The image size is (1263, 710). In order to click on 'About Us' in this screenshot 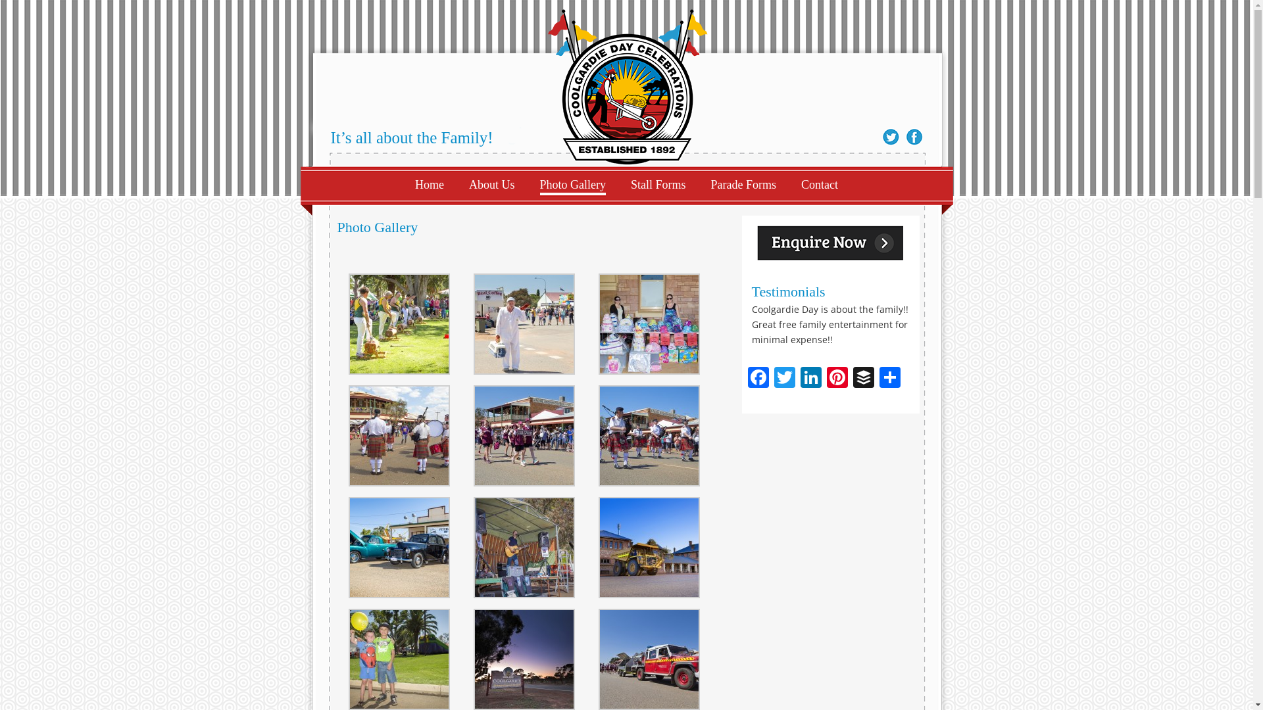, I will do `click(491, 185)`.